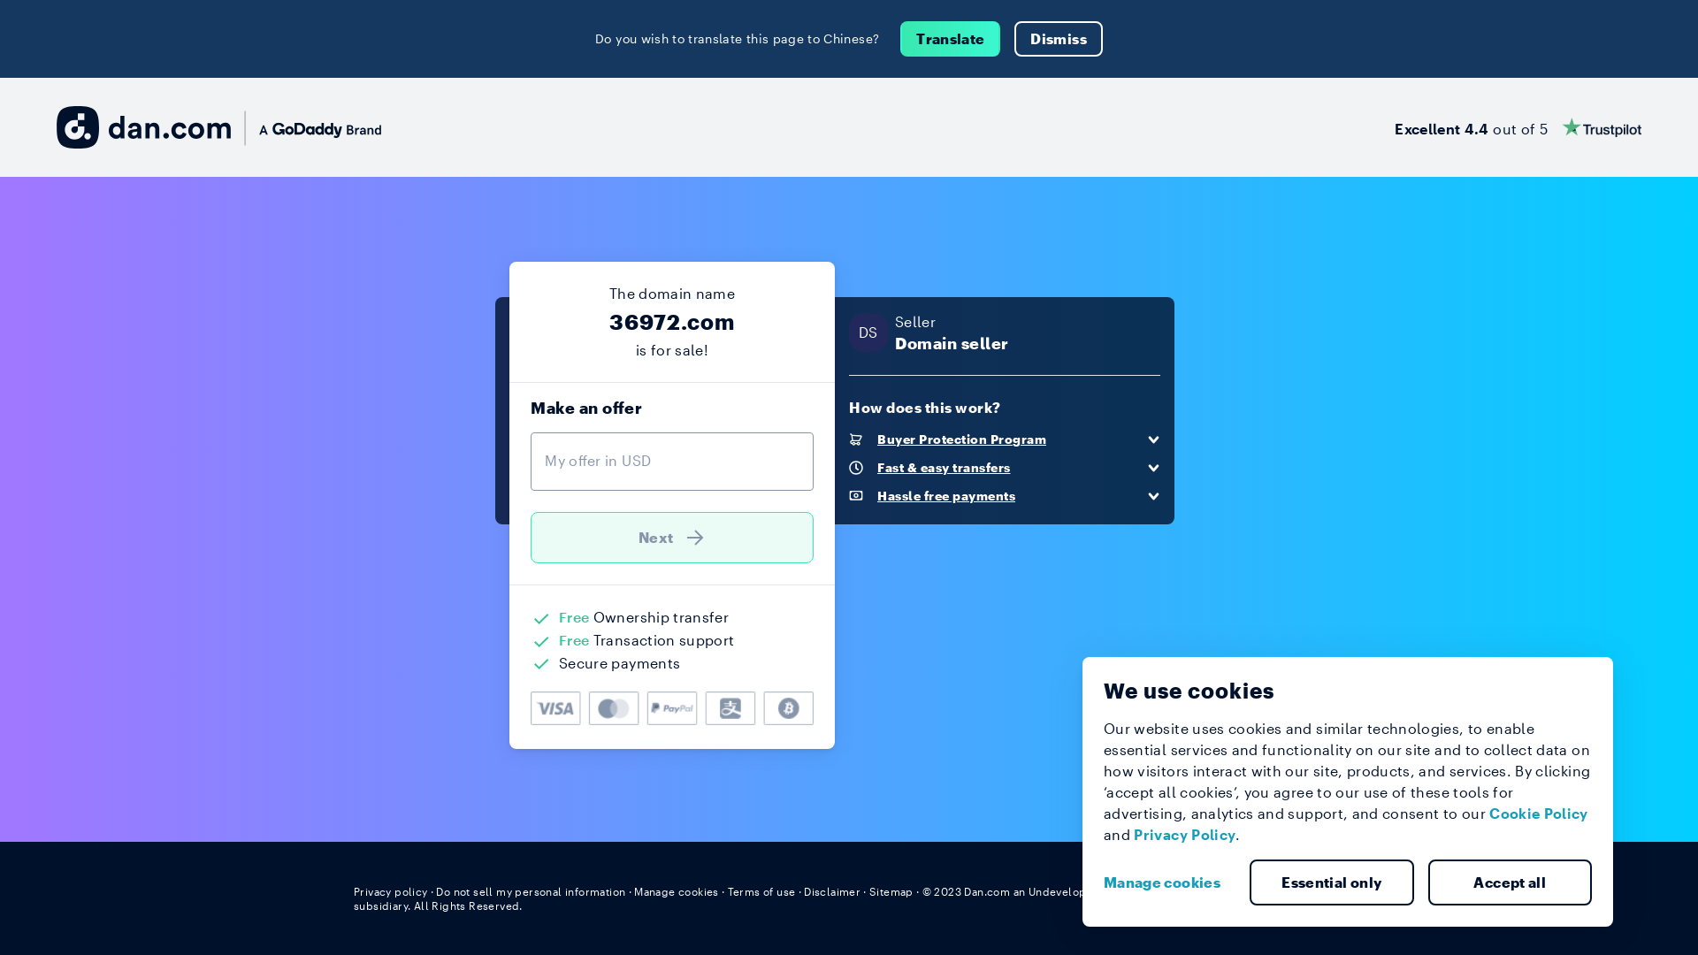 This screenshot has width=1698, height=955. What do you see at coordinates (899, 38) in the screenshot?
I see `'Translate'` at bounding box center [899, 38].